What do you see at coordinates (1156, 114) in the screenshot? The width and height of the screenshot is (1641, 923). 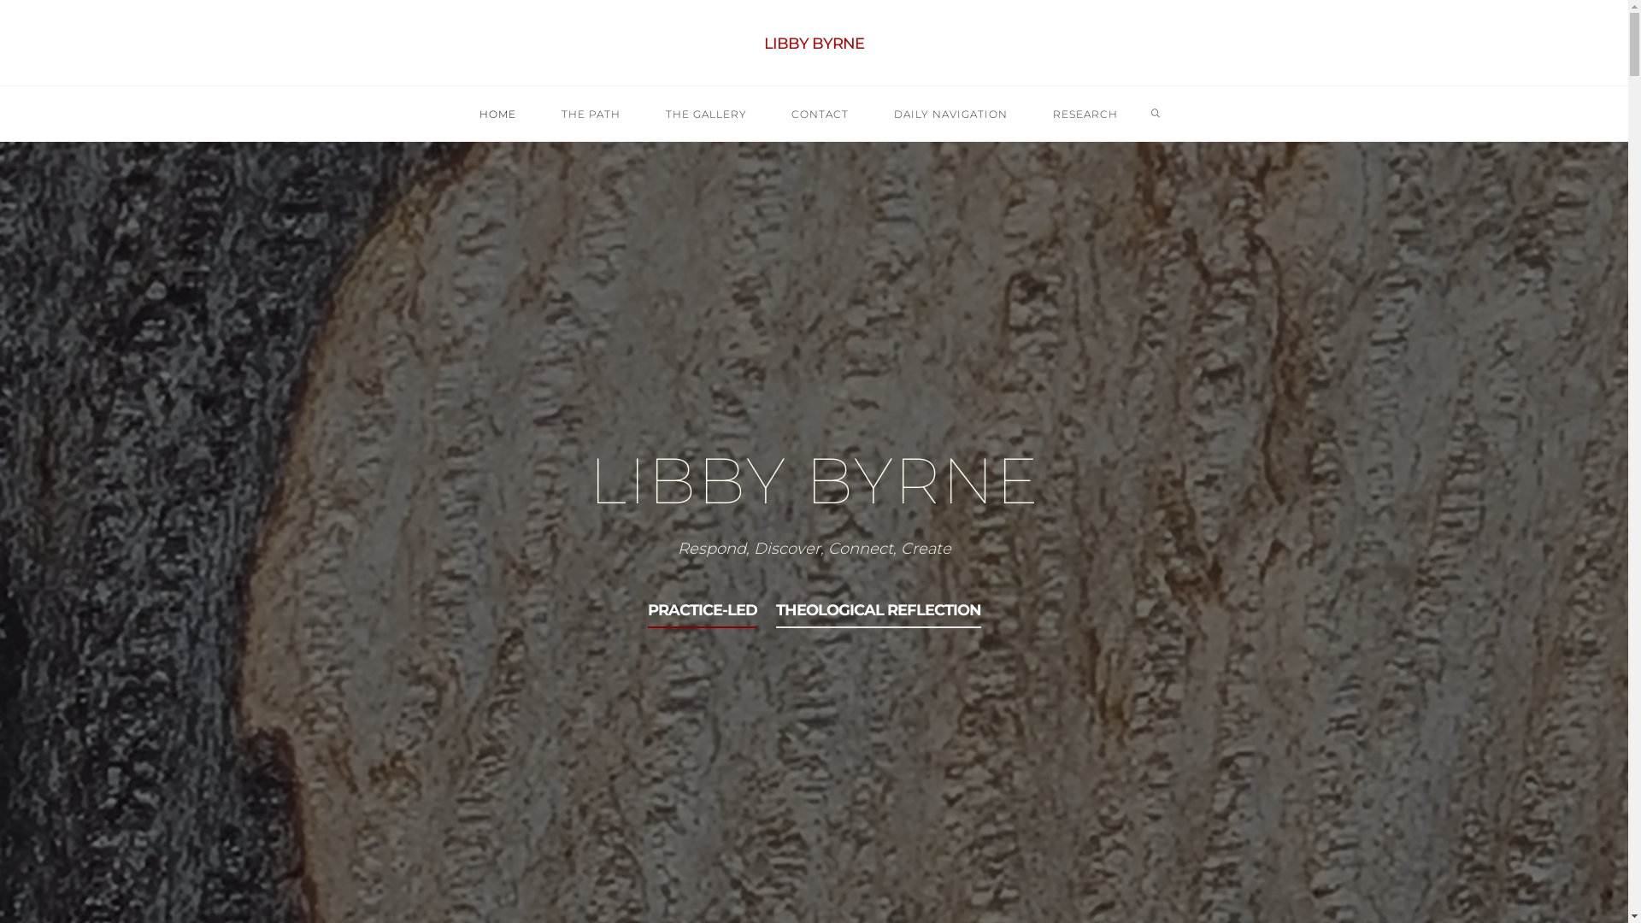 I see `'SEARCH'` at bounding box center [1156, 114].